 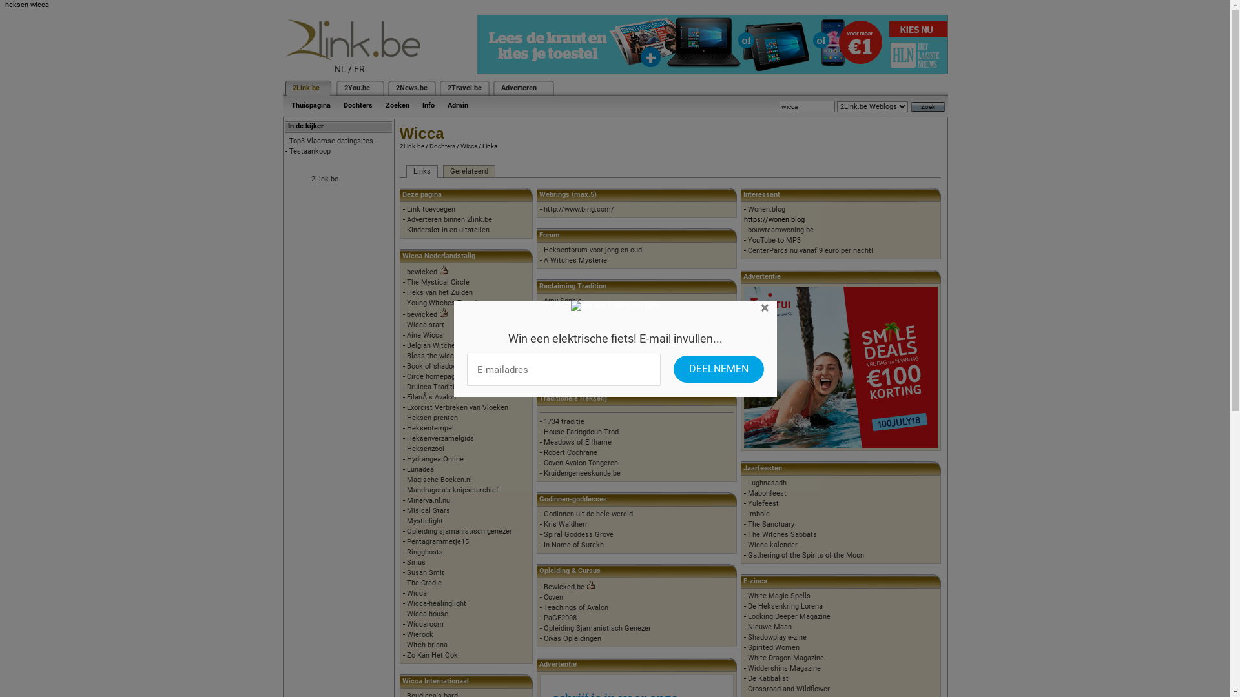 I want to click on 'The Cradle', so click(x=424, y=583).